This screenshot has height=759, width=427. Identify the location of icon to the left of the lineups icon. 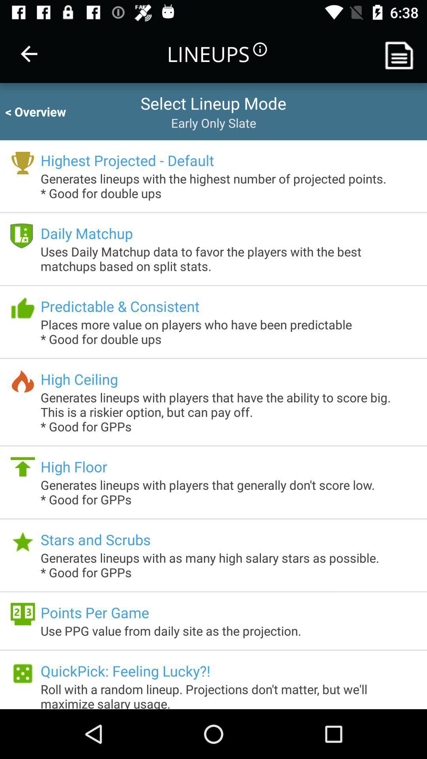
(28, 53).